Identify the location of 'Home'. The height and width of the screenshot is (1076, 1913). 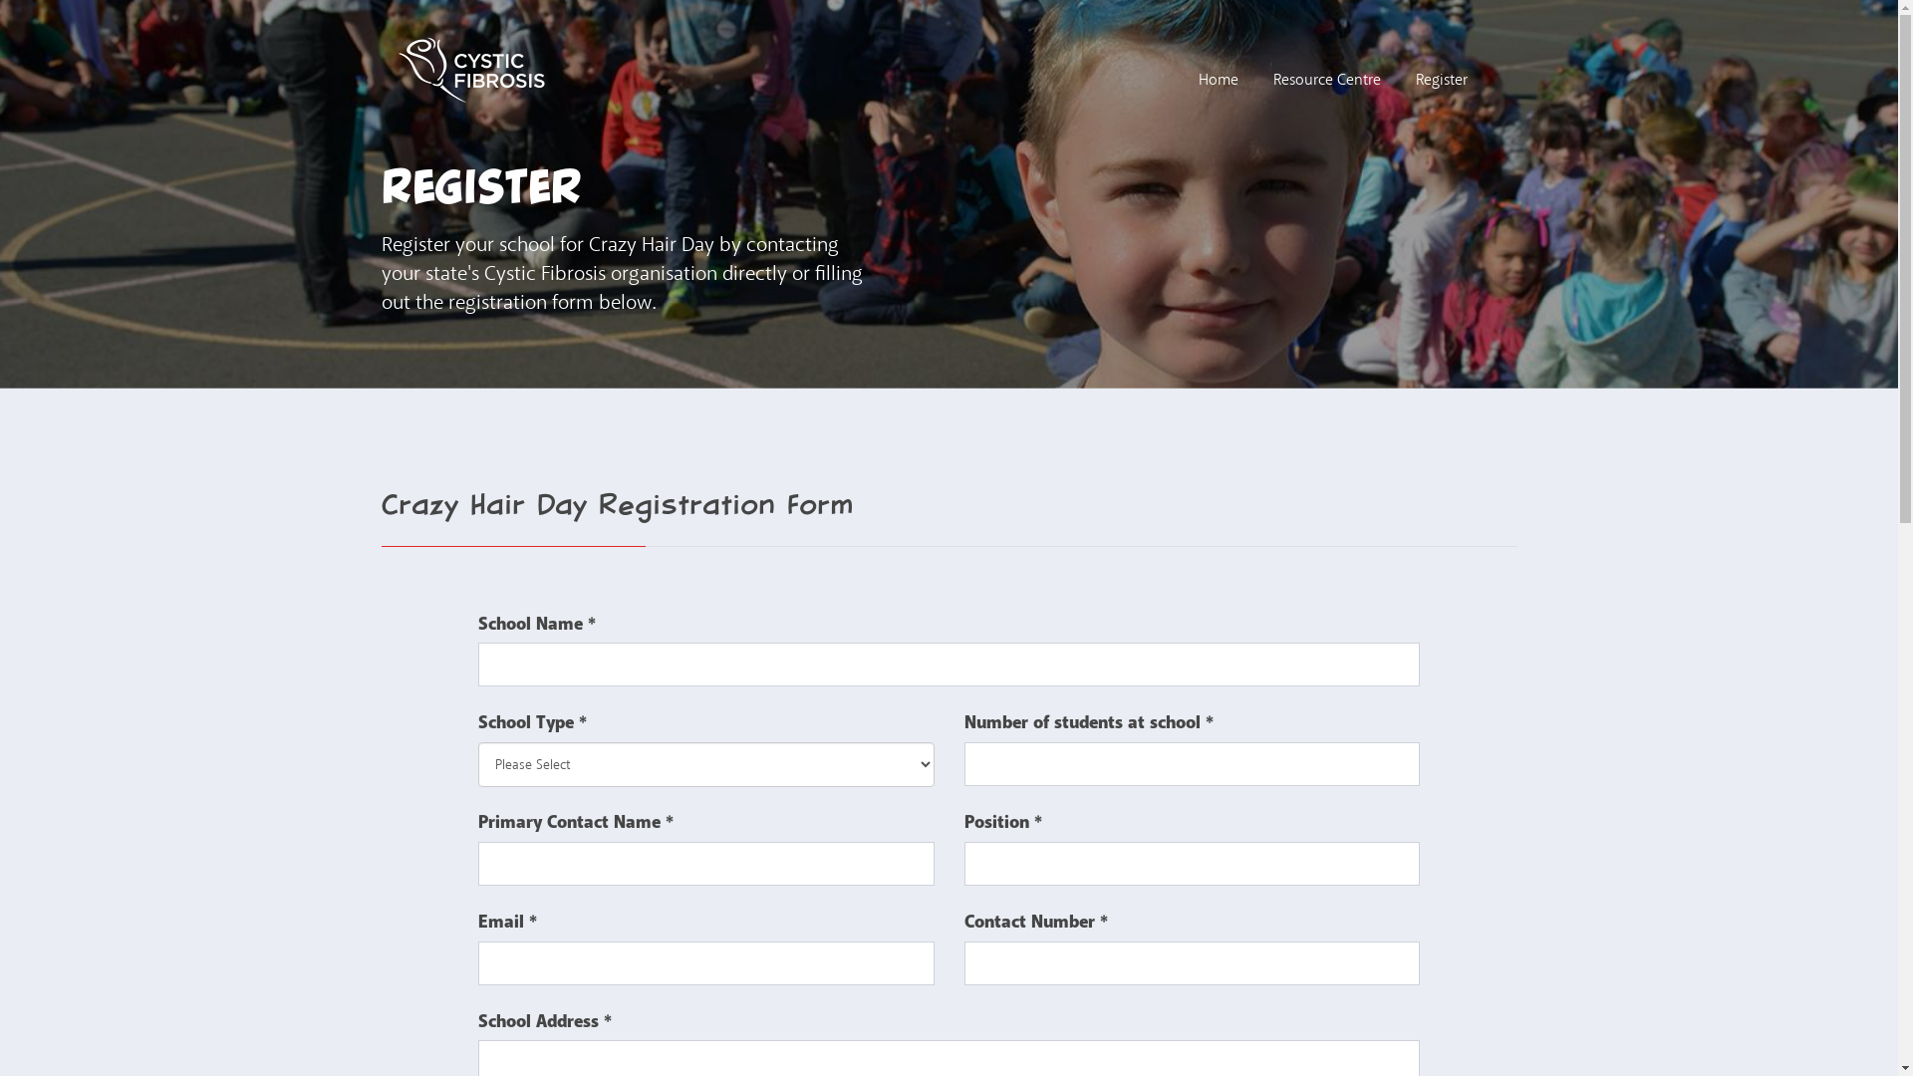
(1217, 80).